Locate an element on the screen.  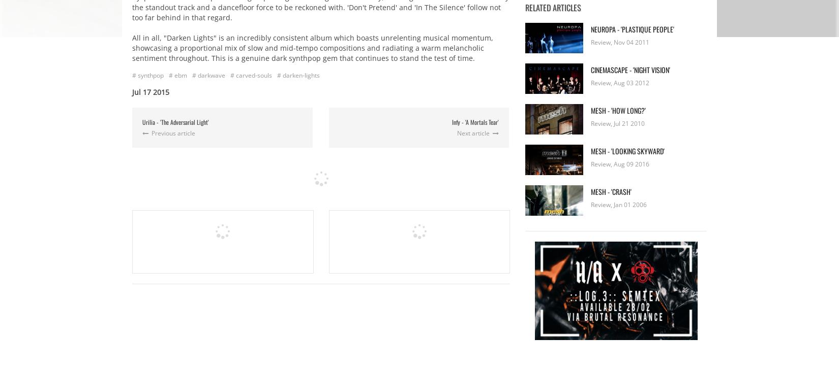
'Review, Jan 01 2006' is located at coordinates (619, 204).